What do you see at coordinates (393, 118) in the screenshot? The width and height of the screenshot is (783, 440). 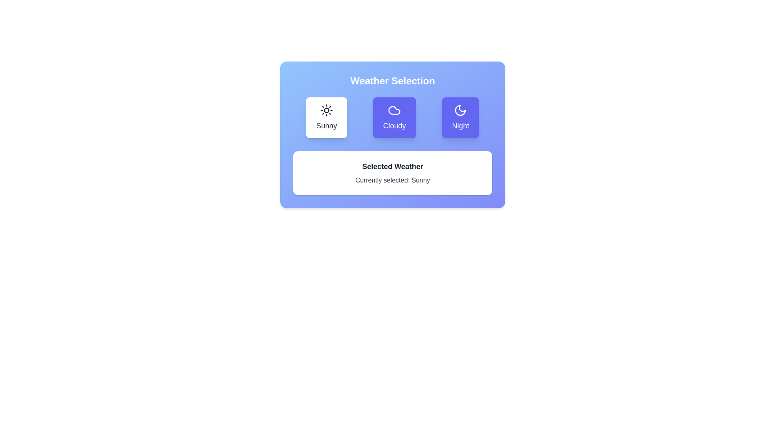 I see `the 'Cloudy' button located between the 'Sunny' and 'Night' buttons in the weather selection interface for visual feedback` at bounding box center [393, 118].